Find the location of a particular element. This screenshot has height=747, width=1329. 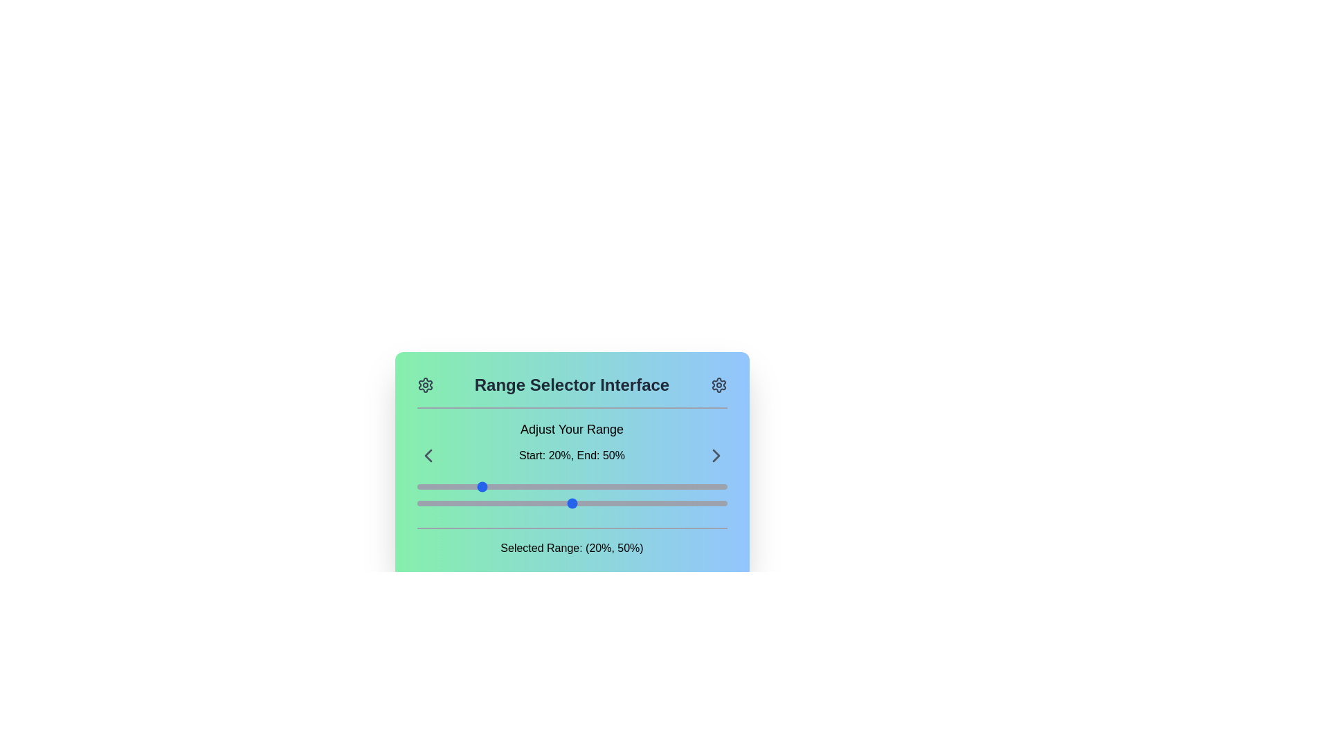

the slider is located at coordinates (705, 486).